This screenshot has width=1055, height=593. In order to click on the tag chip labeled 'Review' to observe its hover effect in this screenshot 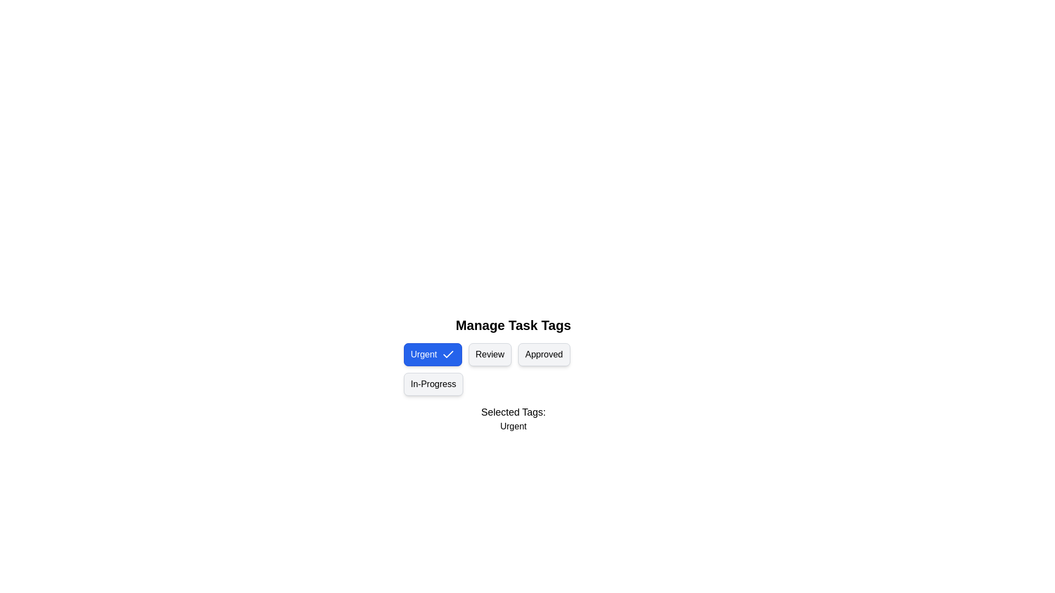, I will do `click(489, 354)`.